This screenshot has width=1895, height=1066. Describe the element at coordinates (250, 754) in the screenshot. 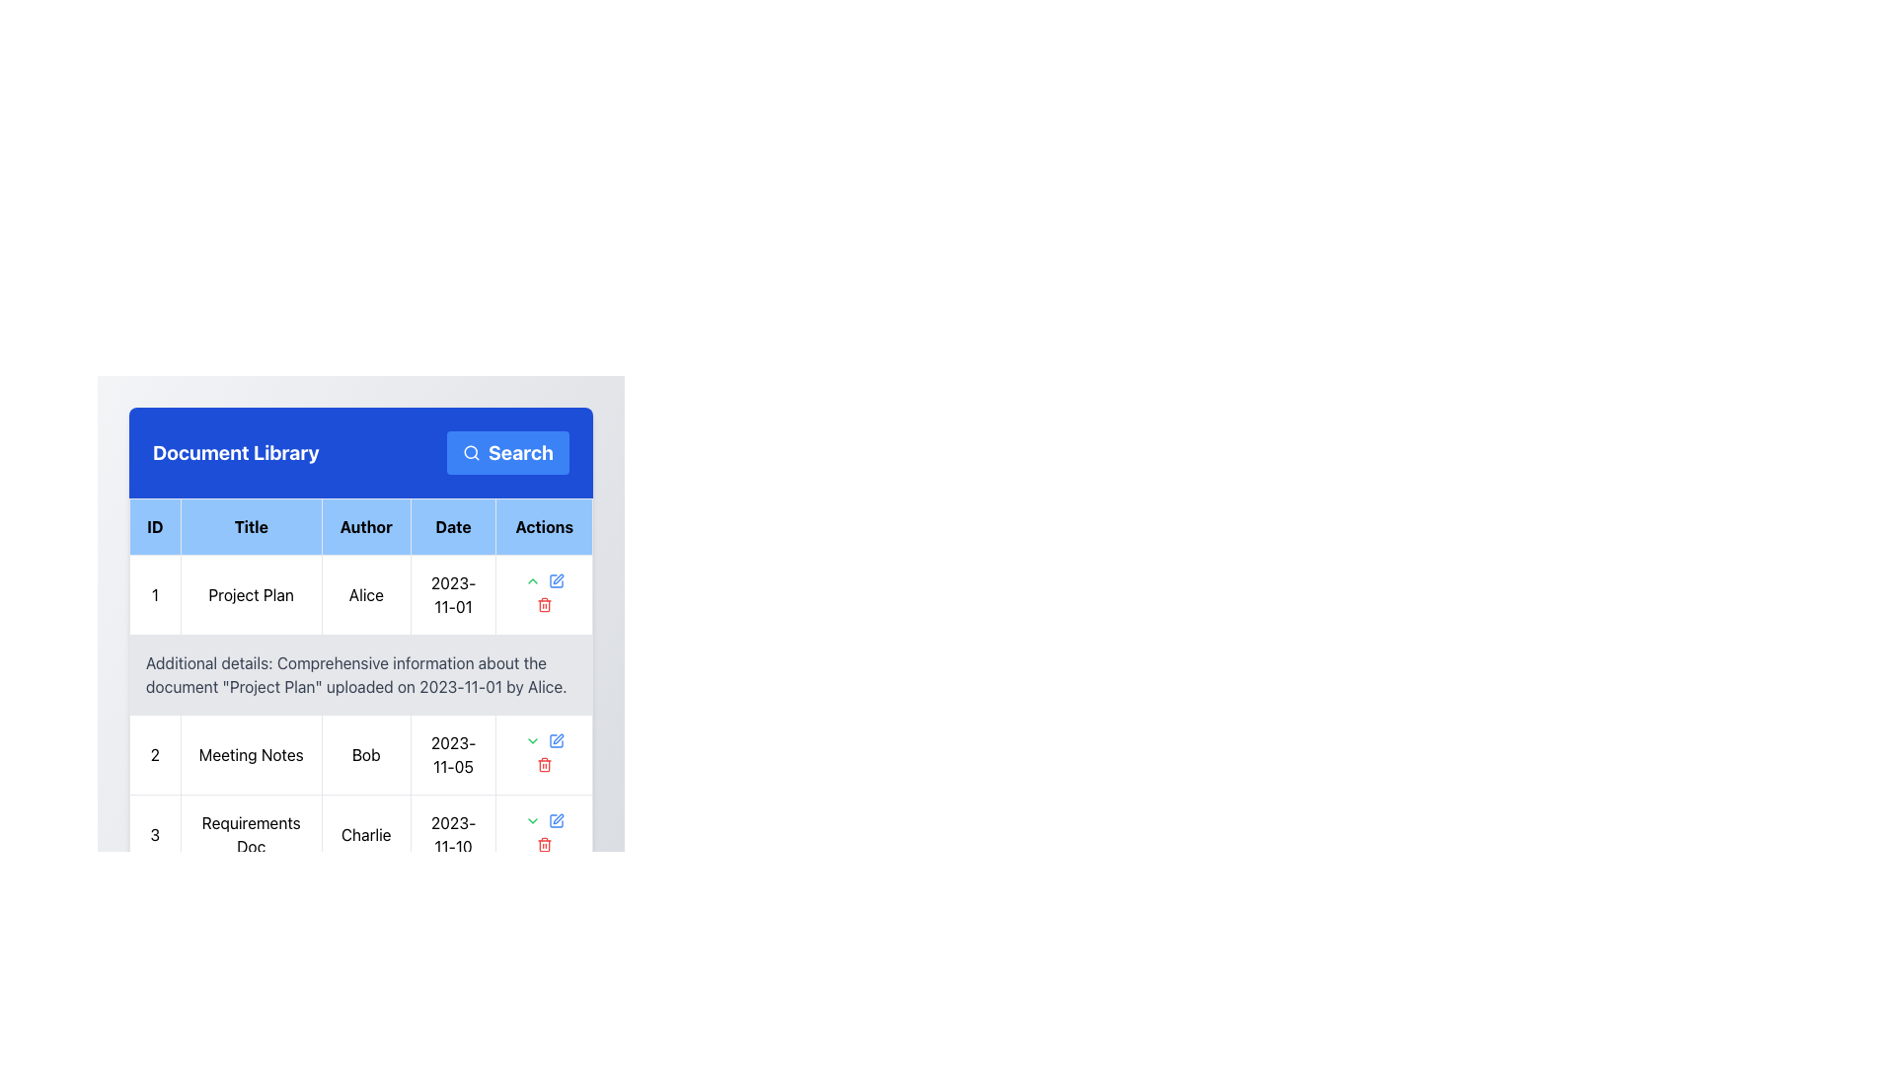

I see `the text label displaying 'Meeting Notes' for reading` at that location.